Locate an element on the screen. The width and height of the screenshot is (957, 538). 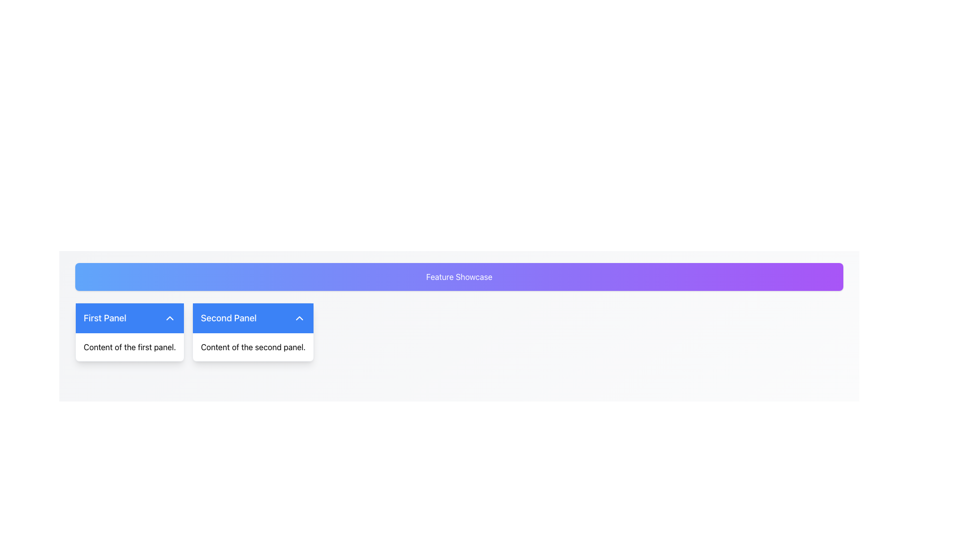
the 'First Panel' text label which is displayed in white on a blue background, located on the left-side panel is located at coordinates (105, 318).